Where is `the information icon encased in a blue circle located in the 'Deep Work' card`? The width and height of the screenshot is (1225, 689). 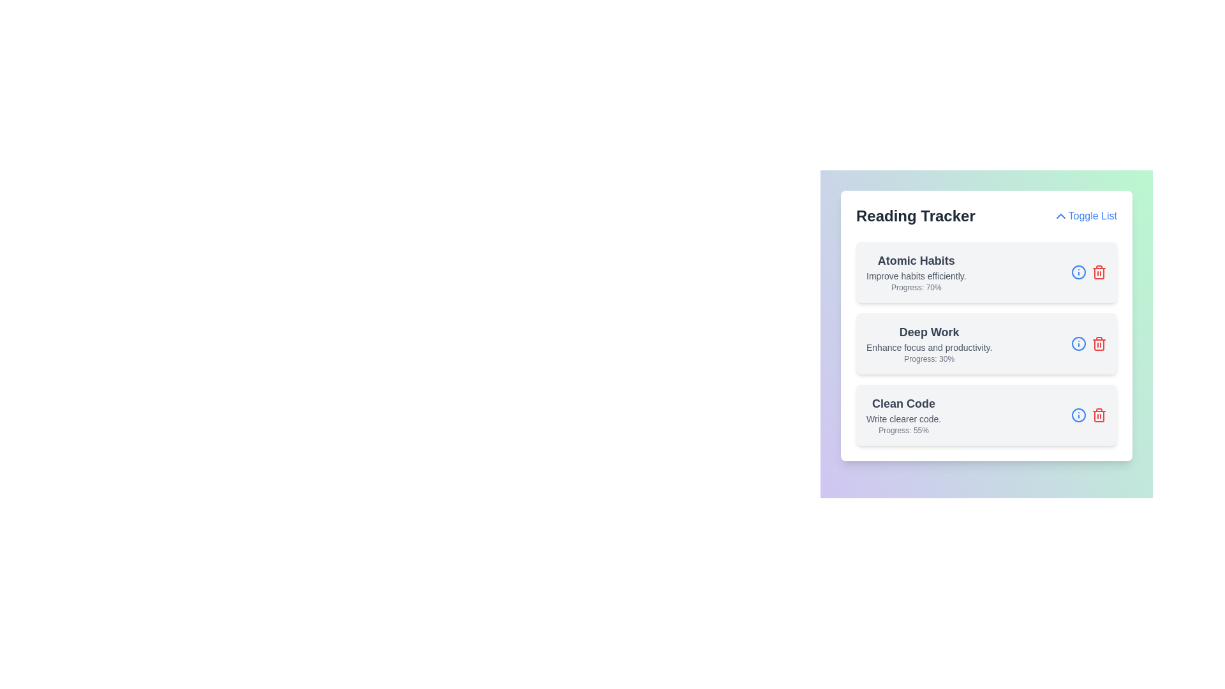
the information icon encased in a blue circle located in the 'Deep Work' card is located at coordinates (1088, 343).